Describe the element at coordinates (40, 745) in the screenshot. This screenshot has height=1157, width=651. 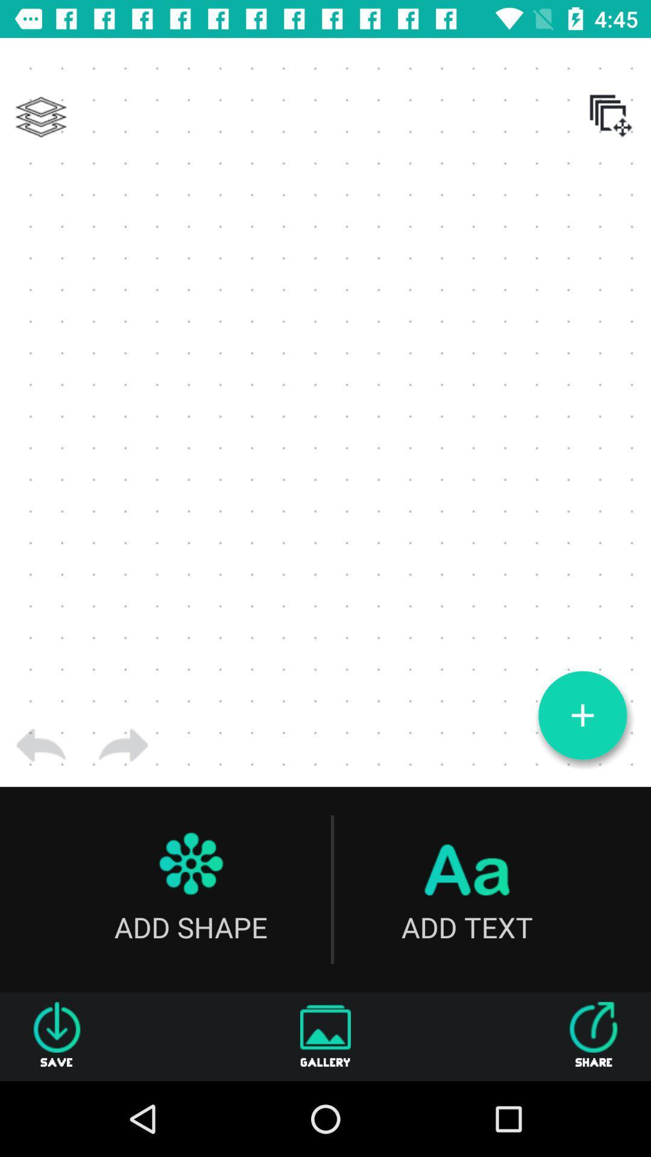
I see `the item above save item` at that location.